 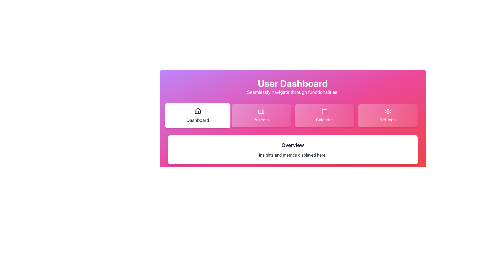 I want to click on the 'Projects' button located on the User Dashboard, which is the second button in a row of four, to observe any hover-based effects, so click(x=261, y=115).